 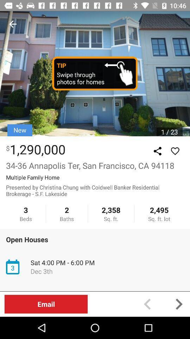 I want to click on share the advertisement, so click(x=157, y=151).